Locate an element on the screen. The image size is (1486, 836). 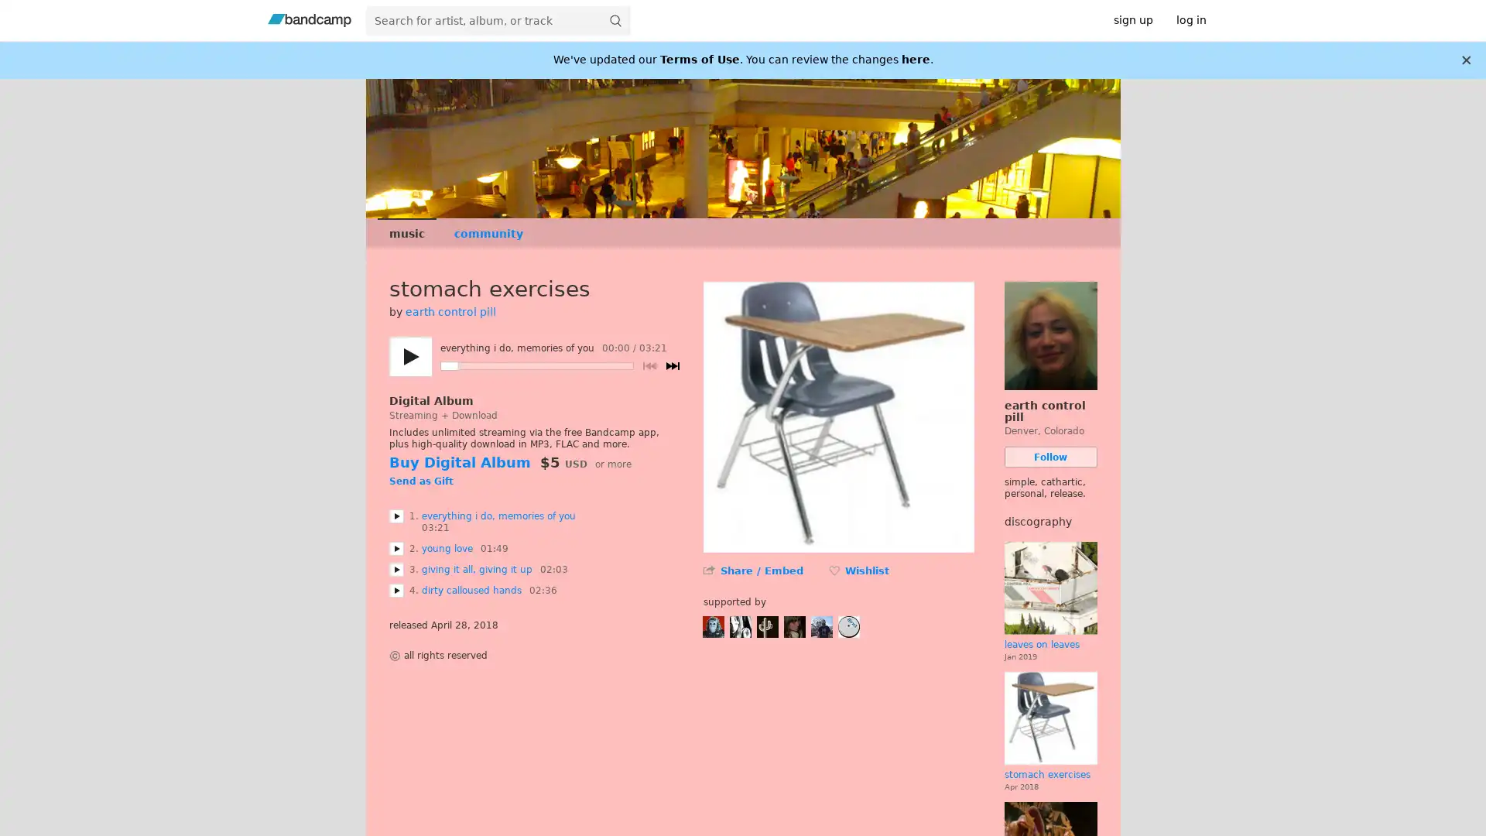
Follow is located at coordinates (1050, 456).